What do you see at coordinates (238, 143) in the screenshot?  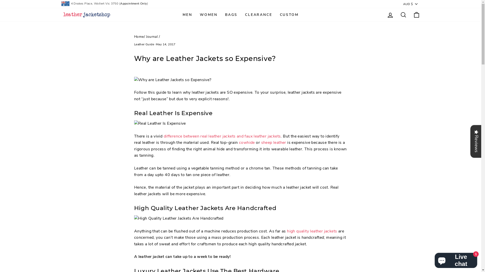 I see `'cowhide'` at bounding box center [238, 143].